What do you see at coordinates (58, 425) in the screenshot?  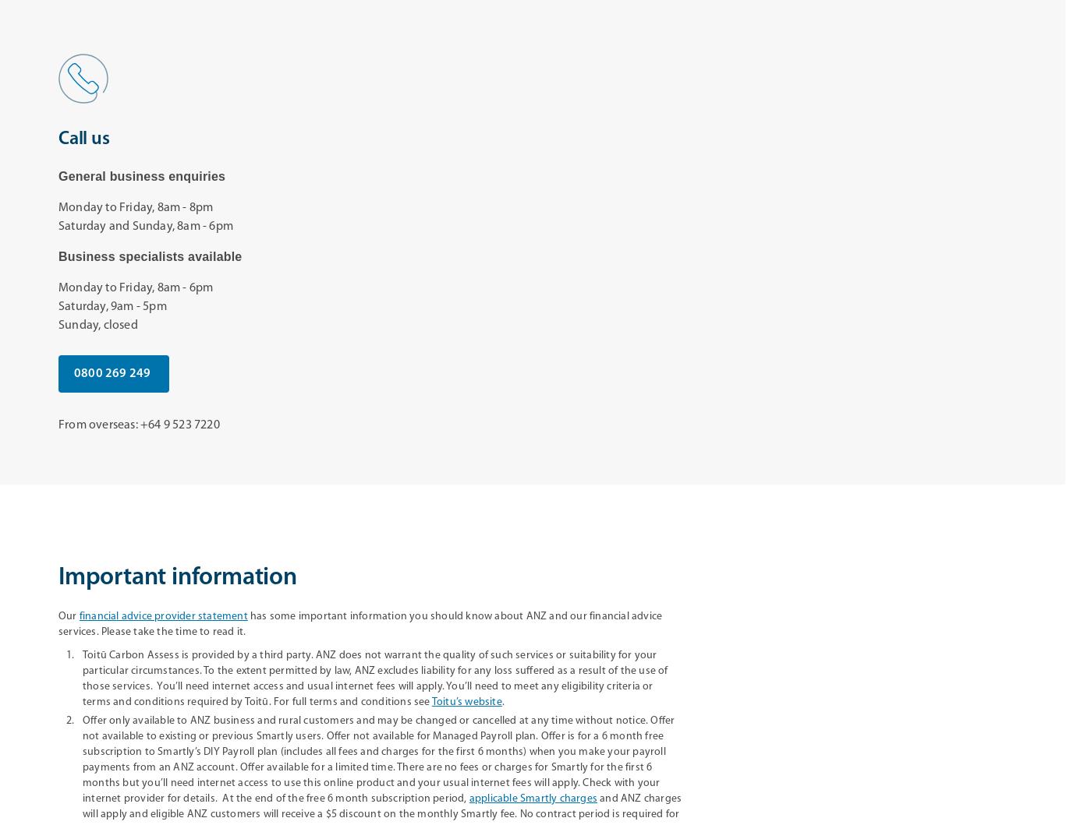 I see `'From overseas: +64 9 523 7220'` at bounding box center [58, 425].